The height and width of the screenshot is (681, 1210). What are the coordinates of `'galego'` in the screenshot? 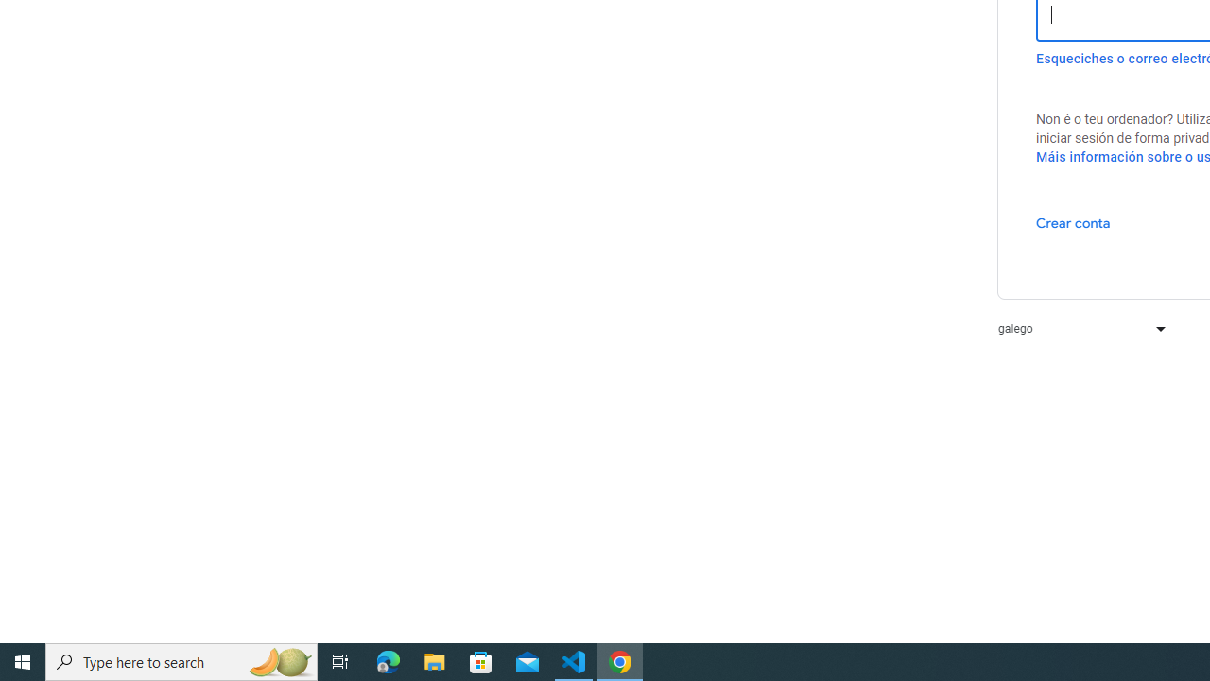 It's located at (1077, 327).